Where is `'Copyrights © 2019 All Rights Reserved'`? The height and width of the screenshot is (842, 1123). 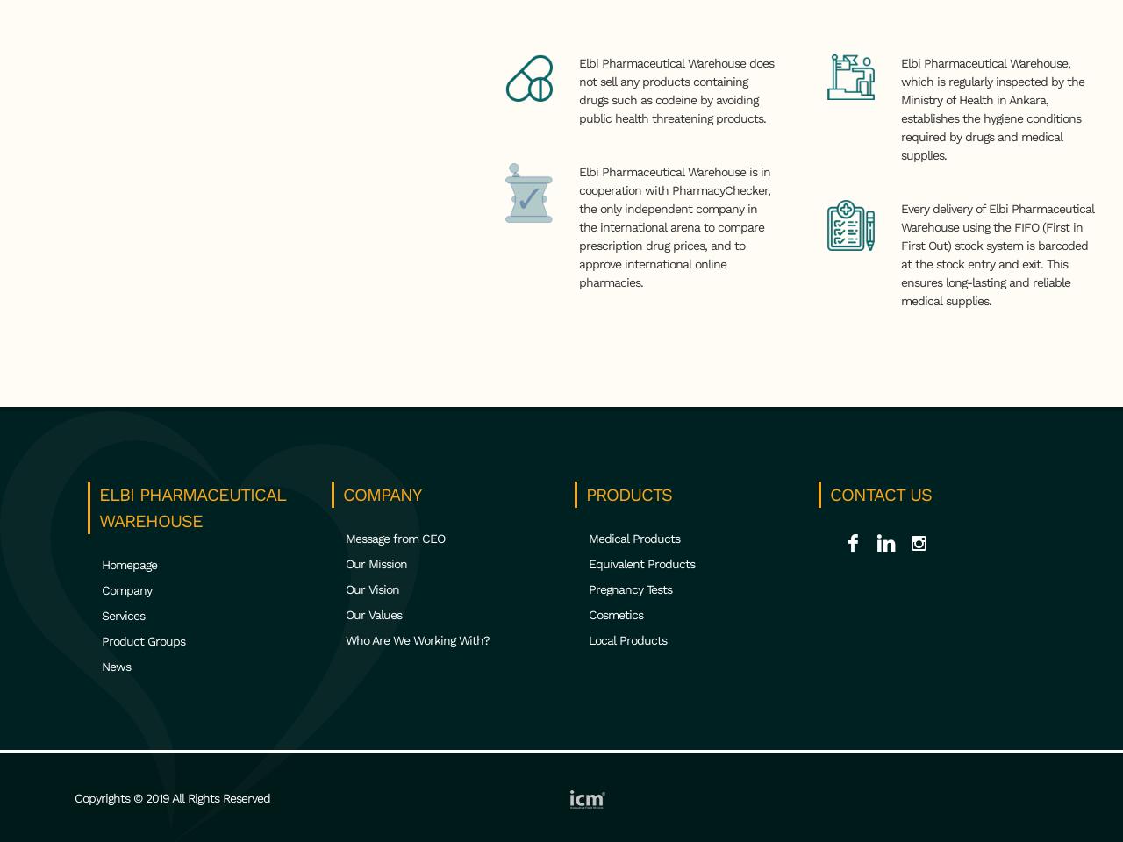
'Copyrights © 2019 All Rights Reserved' is located at coordinates (73, 797).